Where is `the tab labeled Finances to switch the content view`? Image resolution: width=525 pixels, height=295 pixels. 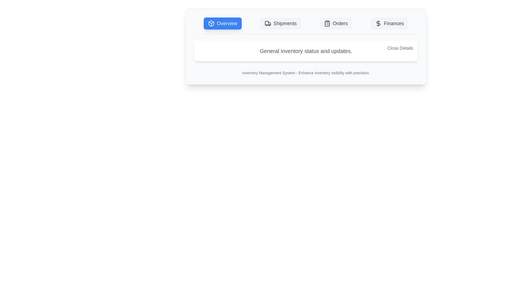
the tab labeled Finances to switch the content view is located at coordinates (389, 23).